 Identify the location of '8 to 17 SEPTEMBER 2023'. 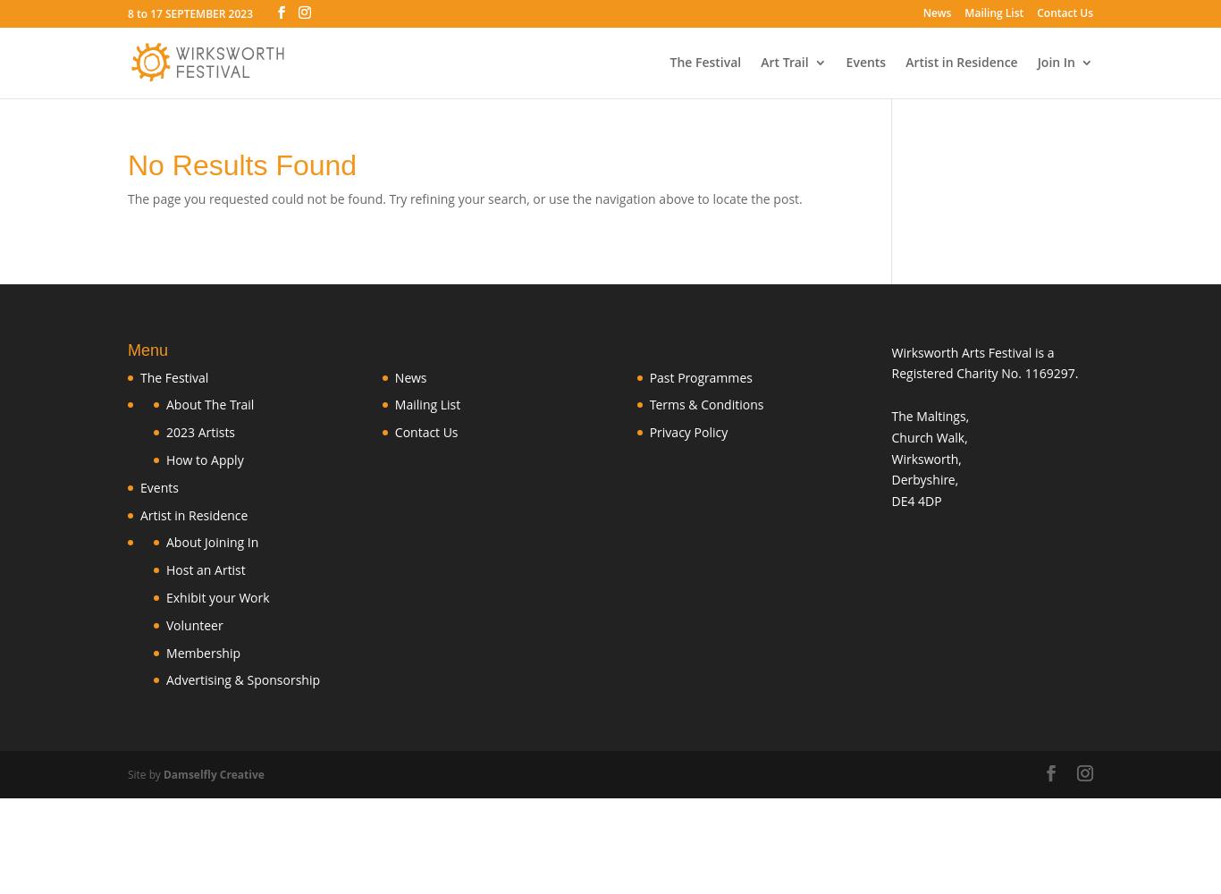
(189, 13).